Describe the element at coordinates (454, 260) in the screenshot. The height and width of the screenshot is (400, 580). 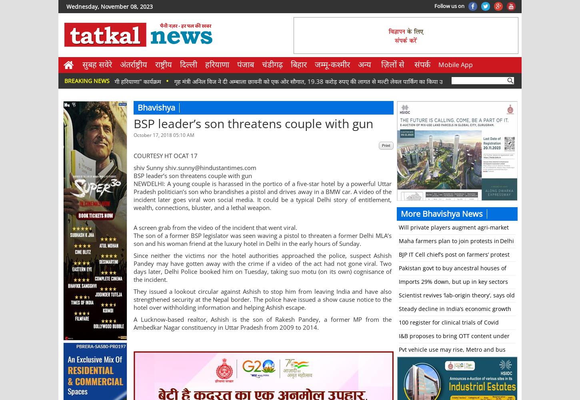
I see `'BJP IT Cell chief’s post on farmers’ protest tagged as ‘manipulated media’ by Twitter'` at that location.